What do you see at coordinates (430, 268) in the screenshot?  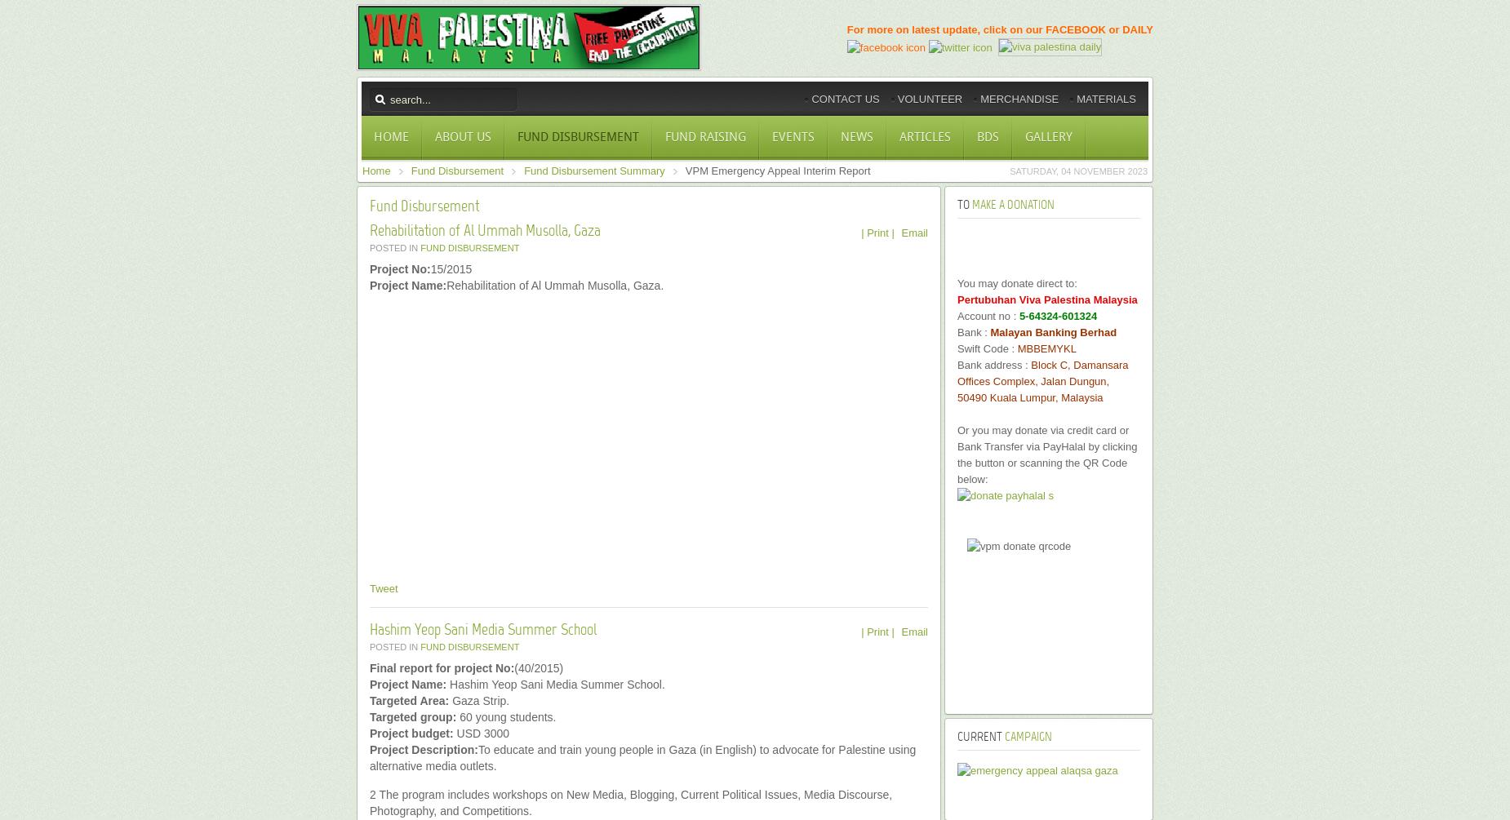 I see `'15/2015'` at bounding box center [430, 268].